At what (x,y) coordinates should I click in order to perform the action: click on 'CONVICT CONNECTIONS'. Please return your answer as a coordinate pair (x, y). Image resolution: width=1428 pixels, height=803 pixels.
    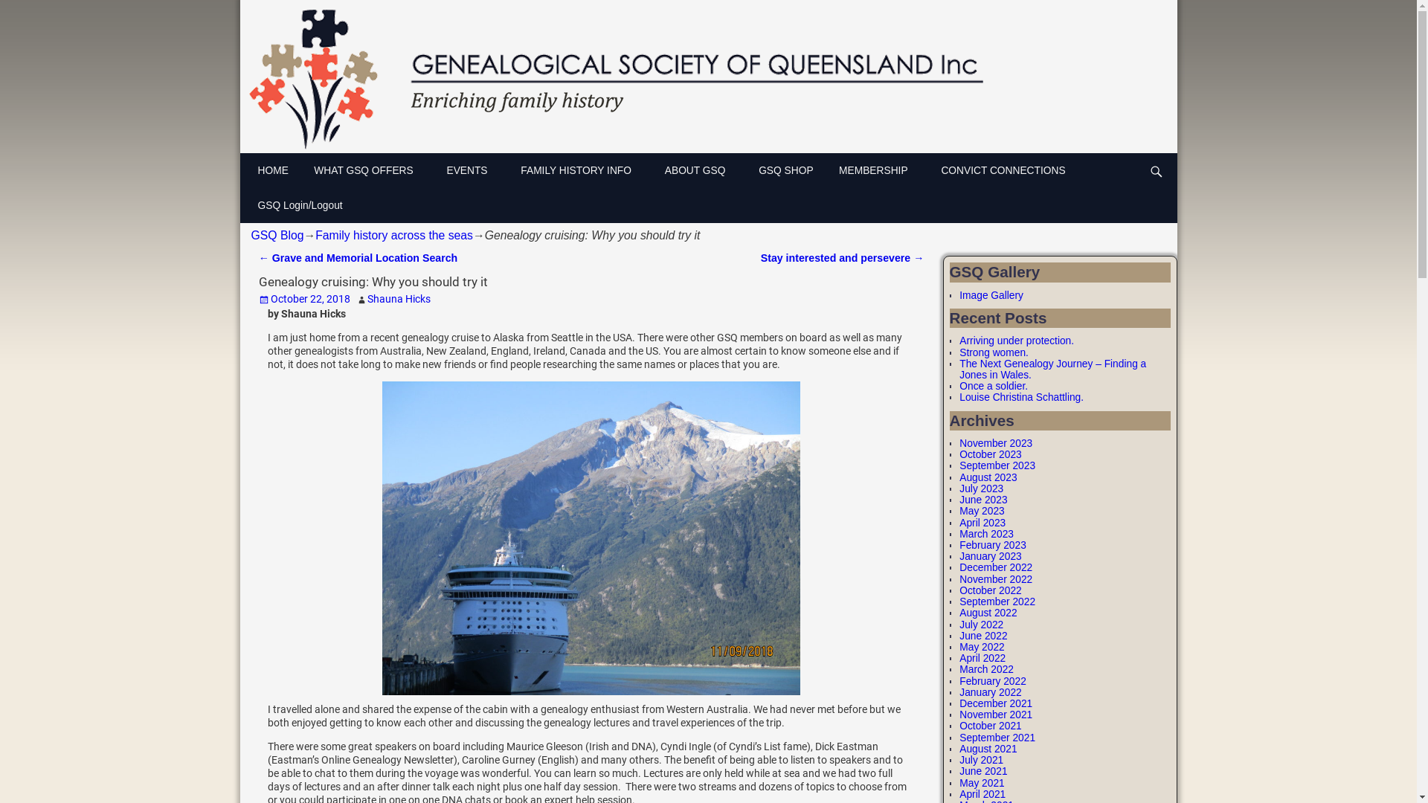
    Looking at the image, I should click on (1009, 170).